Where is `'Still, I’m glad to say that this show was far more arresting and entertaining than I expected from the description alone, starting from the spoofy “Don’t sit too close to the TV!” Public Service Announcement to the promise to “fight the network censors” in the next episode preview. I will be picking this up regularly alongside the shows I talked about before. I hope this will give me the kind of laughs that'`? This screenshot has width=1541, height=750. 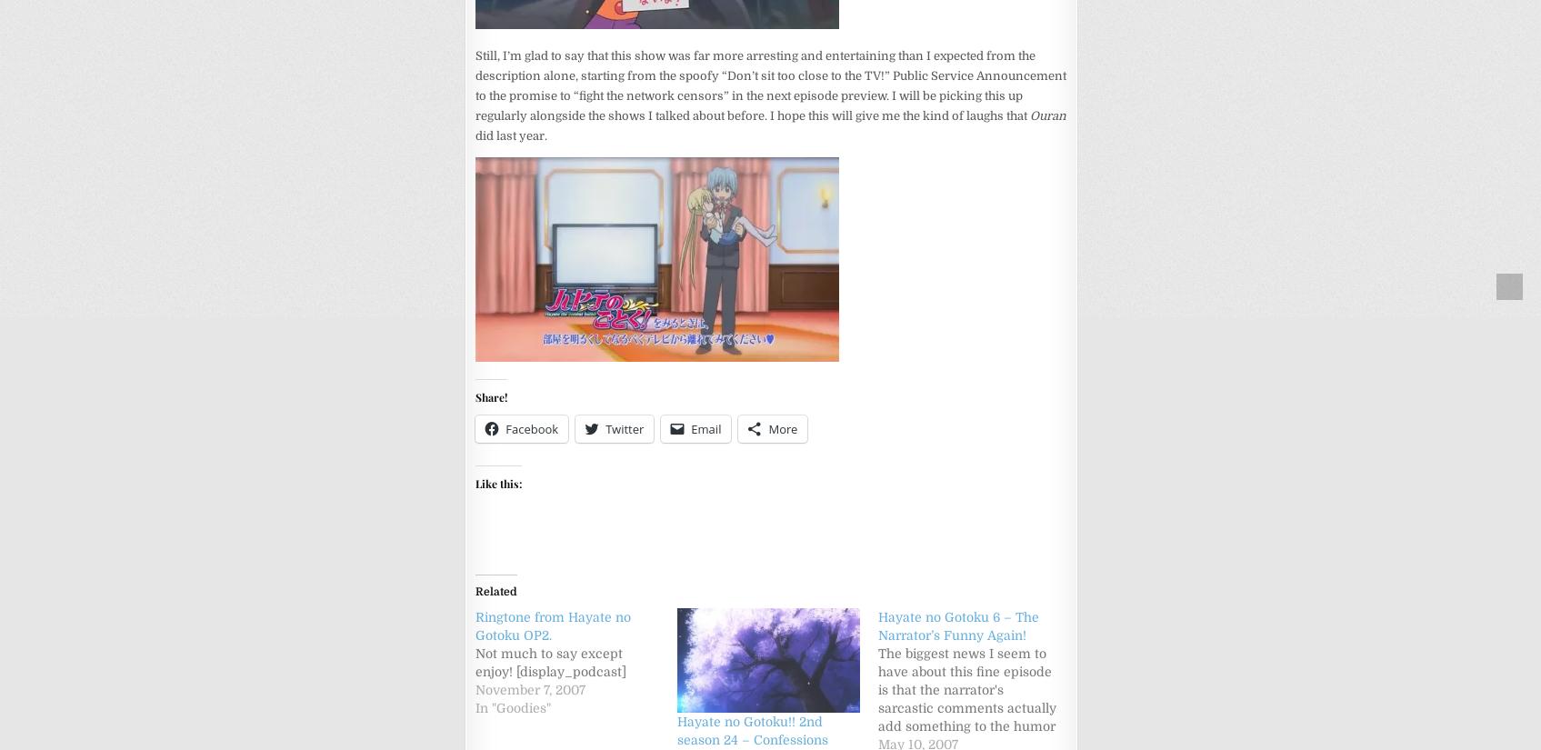 'Still, I’m glad to say that this show was far more arresting and entertaining than I expected from the description alone, starting from the spoofy “Don’t sit too close to the TV!” Public Service Announcement to the promise to “fight the network censors” in the next episode preview. I will be picking this up regularly alongside the shows I talked about before. I hope this will give me the kind of laughs that' is located at coordinates (771, 84).